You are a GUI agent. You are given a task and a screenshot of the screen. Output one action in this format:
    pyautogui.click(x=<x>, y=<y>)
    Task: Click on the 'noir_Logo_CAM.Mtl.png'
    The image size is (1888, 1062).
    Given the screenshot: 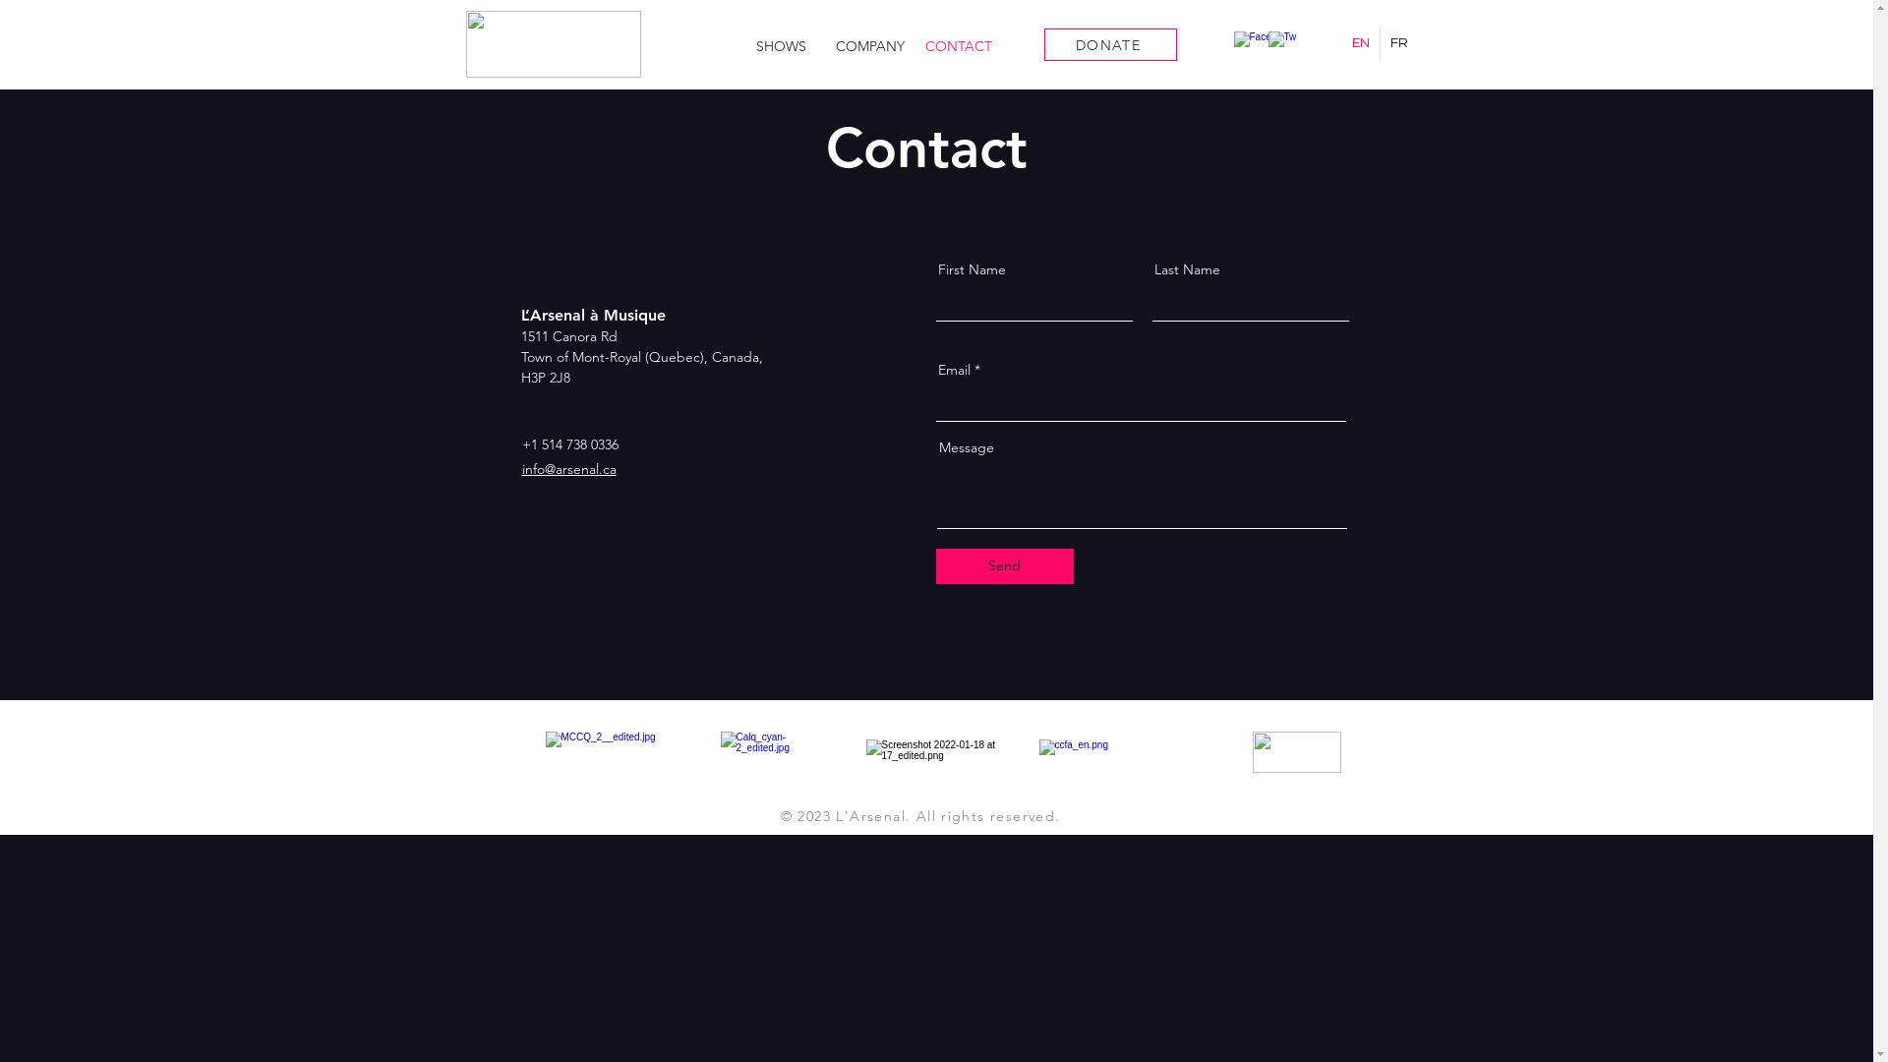 What is the action you would take?
    pyautogui.click(x=1297, y=751)
    